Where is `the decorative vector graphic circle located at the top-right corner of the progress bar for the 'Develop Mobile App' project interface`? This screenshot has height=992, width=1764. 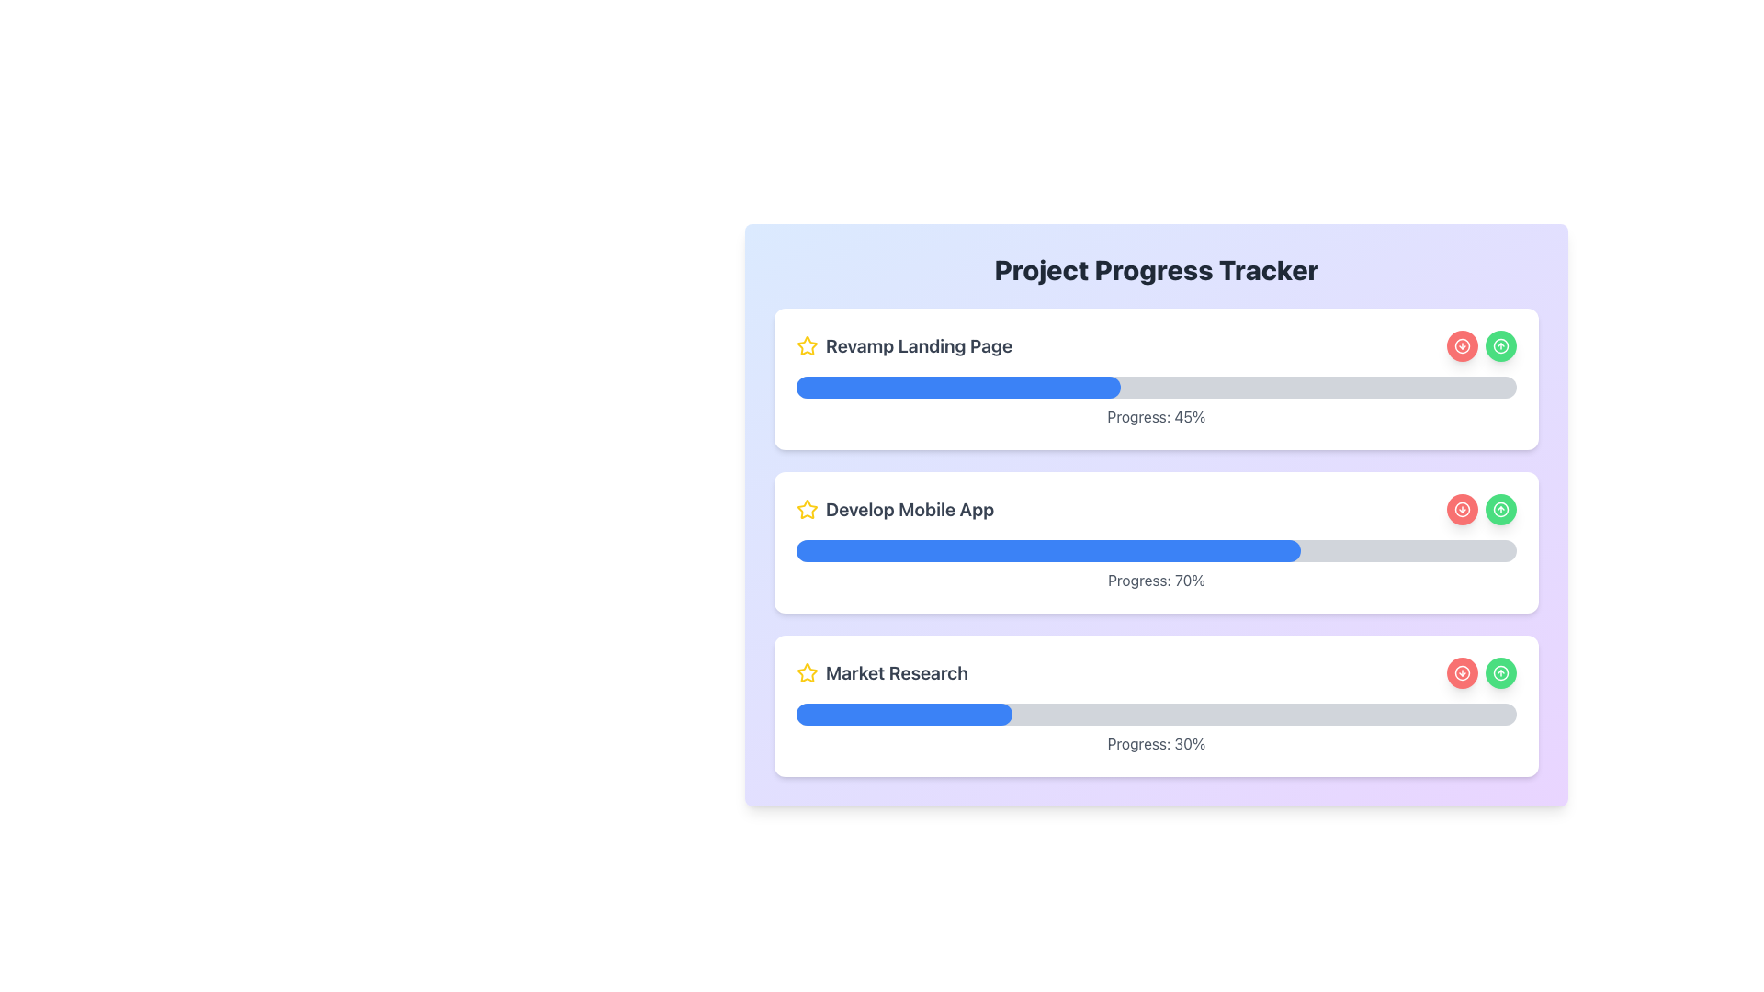 the decorative vector graphic circle located at the top-right corner of the progress bar for the 'Develop Mobile App' project interface is located at coordinates (1500, 510).